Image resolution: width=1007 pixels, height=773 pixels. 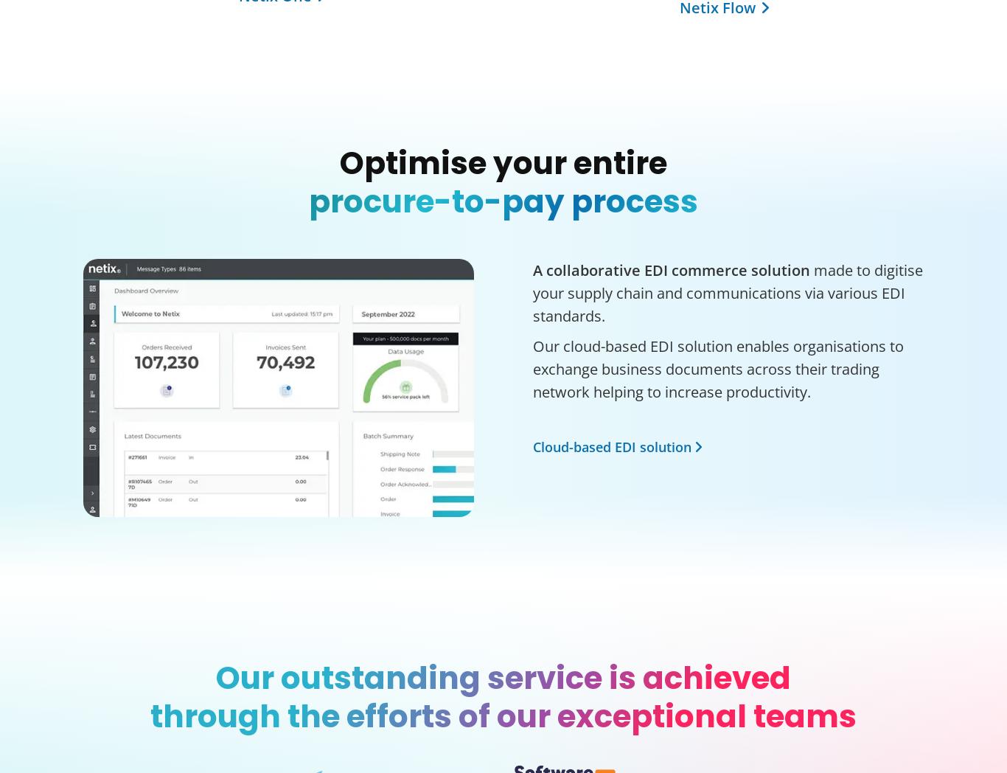 I want to click on 'United Kingdom', so click(x=122, y=266).